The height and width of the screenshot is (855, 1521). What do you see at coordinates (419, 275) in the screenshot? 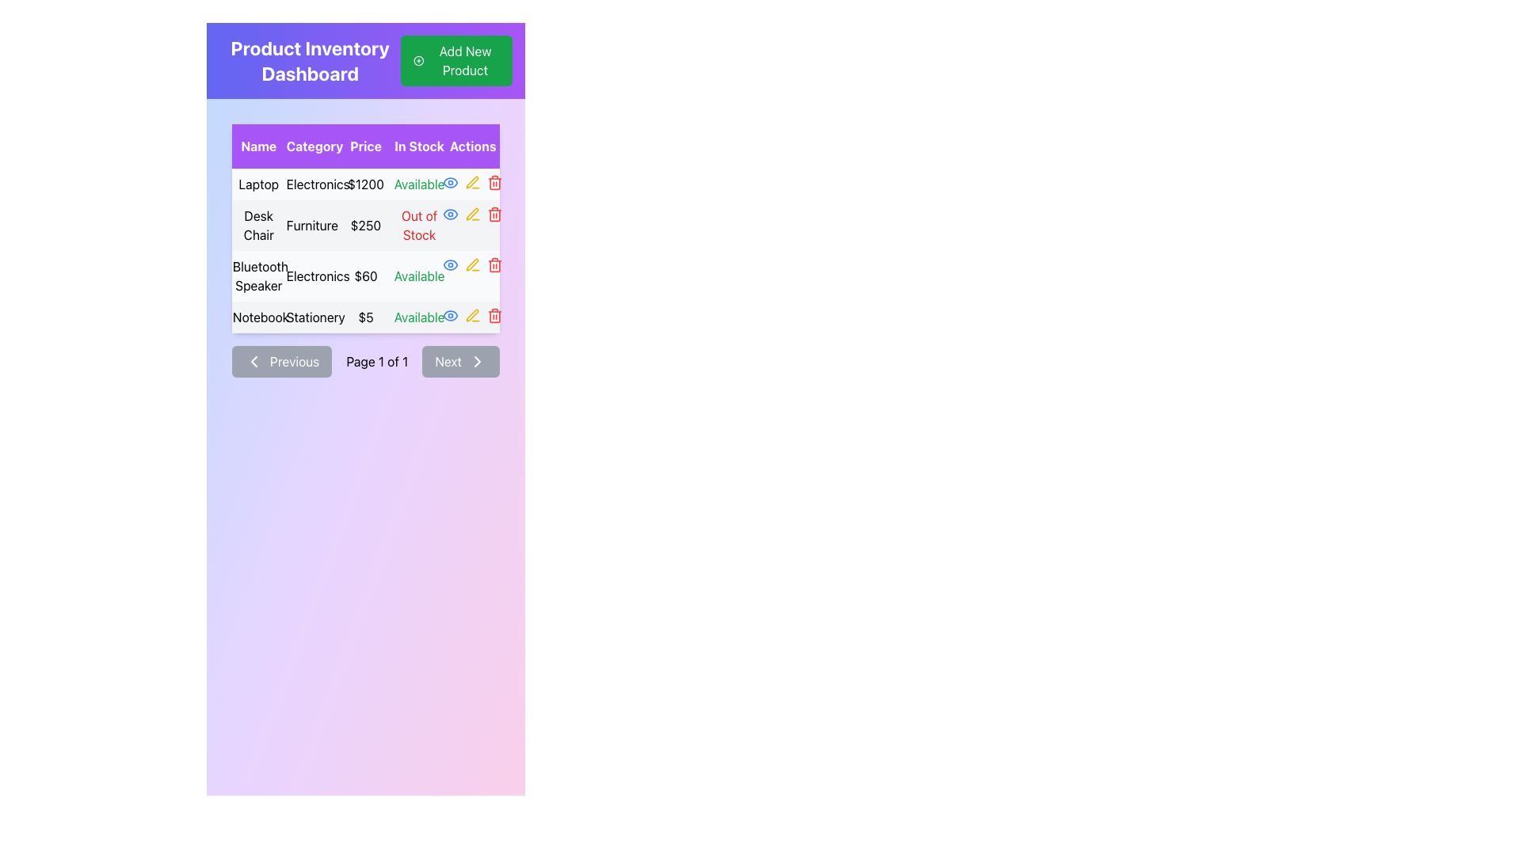
I see `the text label displaying 'Available' with green font that indicates the availability status in the fourth column of the third row of the product table, aligned with the 'Bluetooth Speaker' row` at bounding box center [419, 275].